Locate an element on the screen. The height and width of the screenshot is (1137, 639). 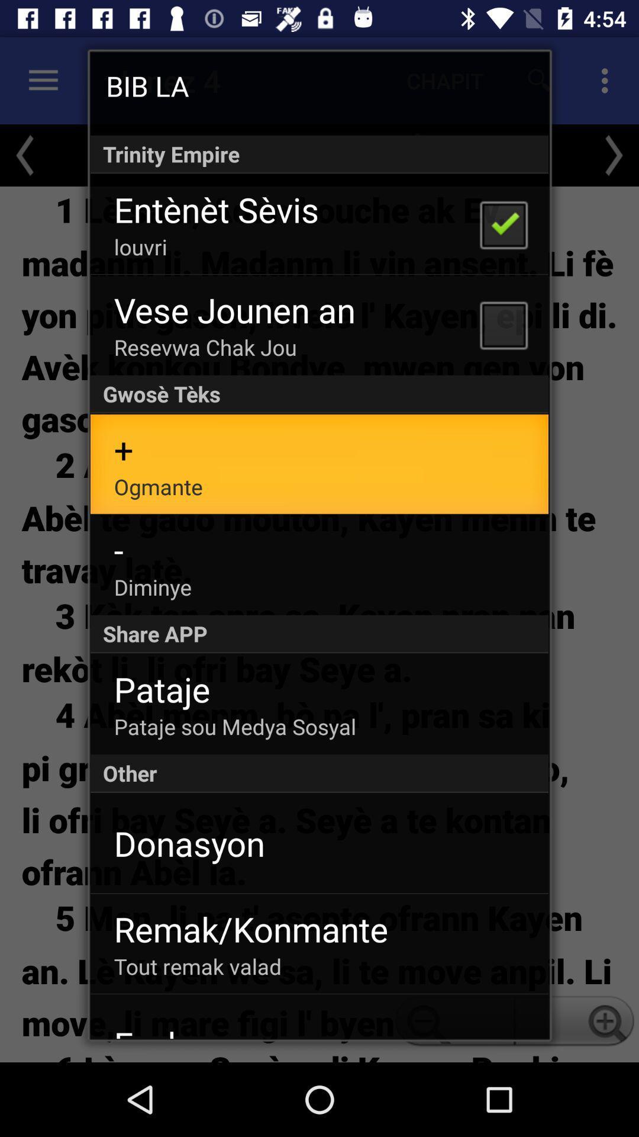
the app below the bib la app is located at coordinates (319, 153).